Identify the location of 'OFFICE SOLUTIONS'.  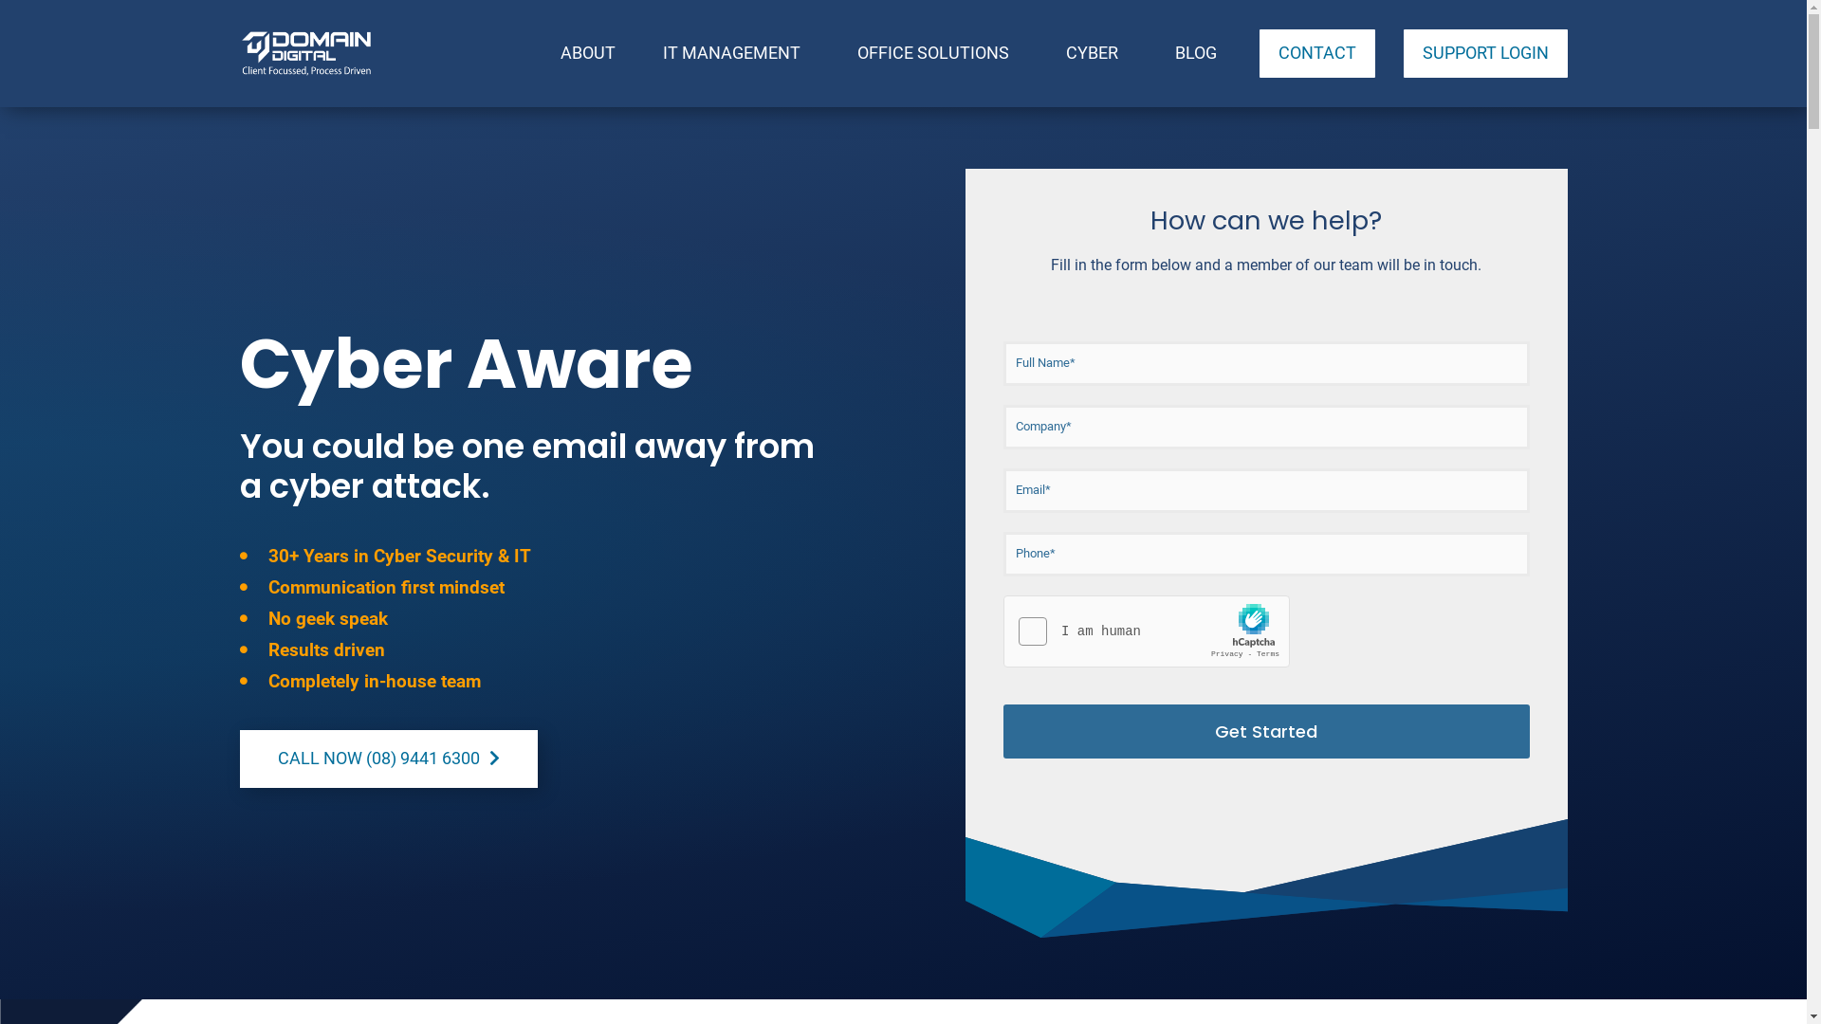
(937, 52).